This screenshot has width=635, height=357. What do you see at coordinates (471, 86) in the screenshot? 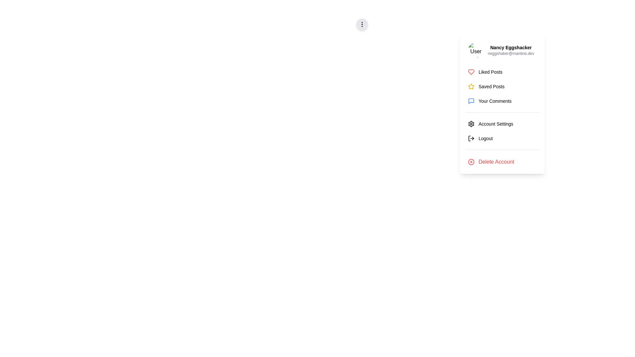
I see `the yellow star-shaped icon for the 'Saved Posts' menu item, which is the second option in the vertical list` at bounding box center [471, 86].